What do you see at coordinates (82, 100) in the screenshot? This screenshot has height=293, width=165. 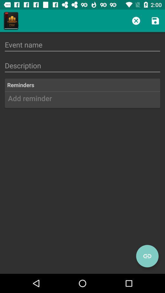 I see `icon below the reminders item` at bounding box center [82, 100].